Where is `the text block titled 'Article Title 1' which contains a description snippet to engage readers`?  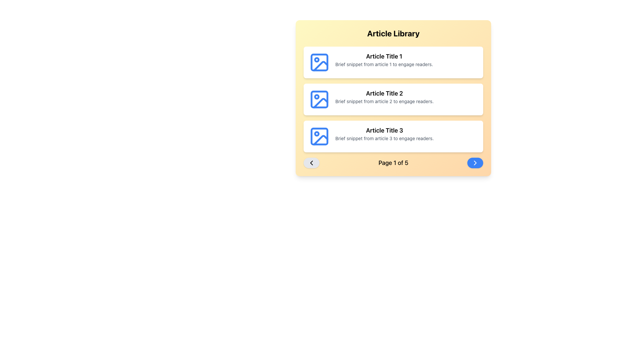 the text block titled 'Article Title 1' which contains a description snippet to engage readers is located at coordinates (384, 60).